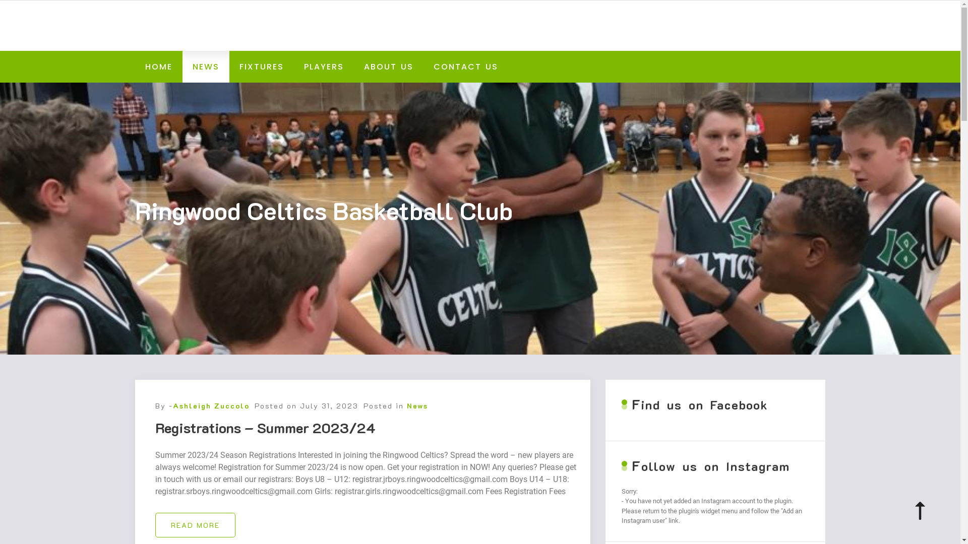 The height and width of the screenshot is (544, 968). Describe the element at coordinates (195, 524) in the screenshot. I see `'READ MORE'` at that location.